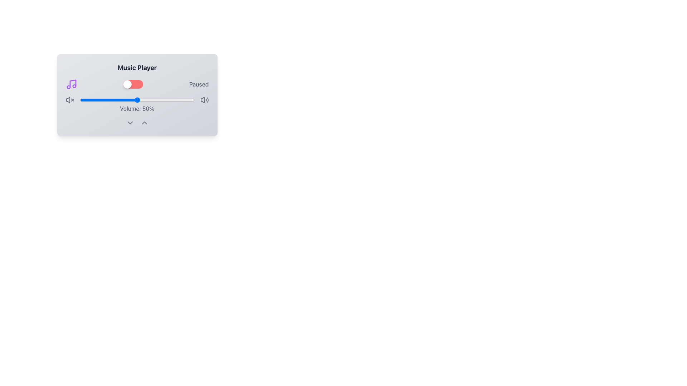  What do you see at coordinates (150, 100) in the screenshot?
I see `volume` at bounding box center [150, 100].